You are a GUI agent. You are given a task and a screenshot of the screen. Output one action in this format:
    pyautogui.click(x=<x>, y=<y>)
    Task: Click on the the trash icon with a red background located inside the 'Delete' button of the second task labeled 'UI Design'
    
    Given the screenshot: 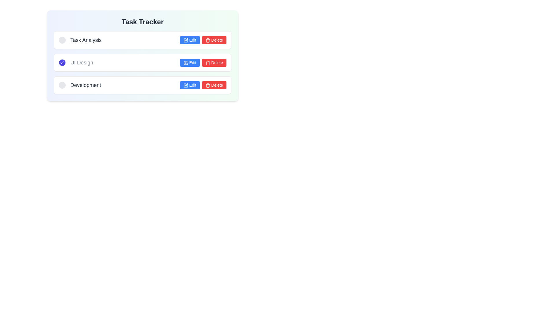 What is the action you would take?
    pyautogui.click(x=208, y=86)
    